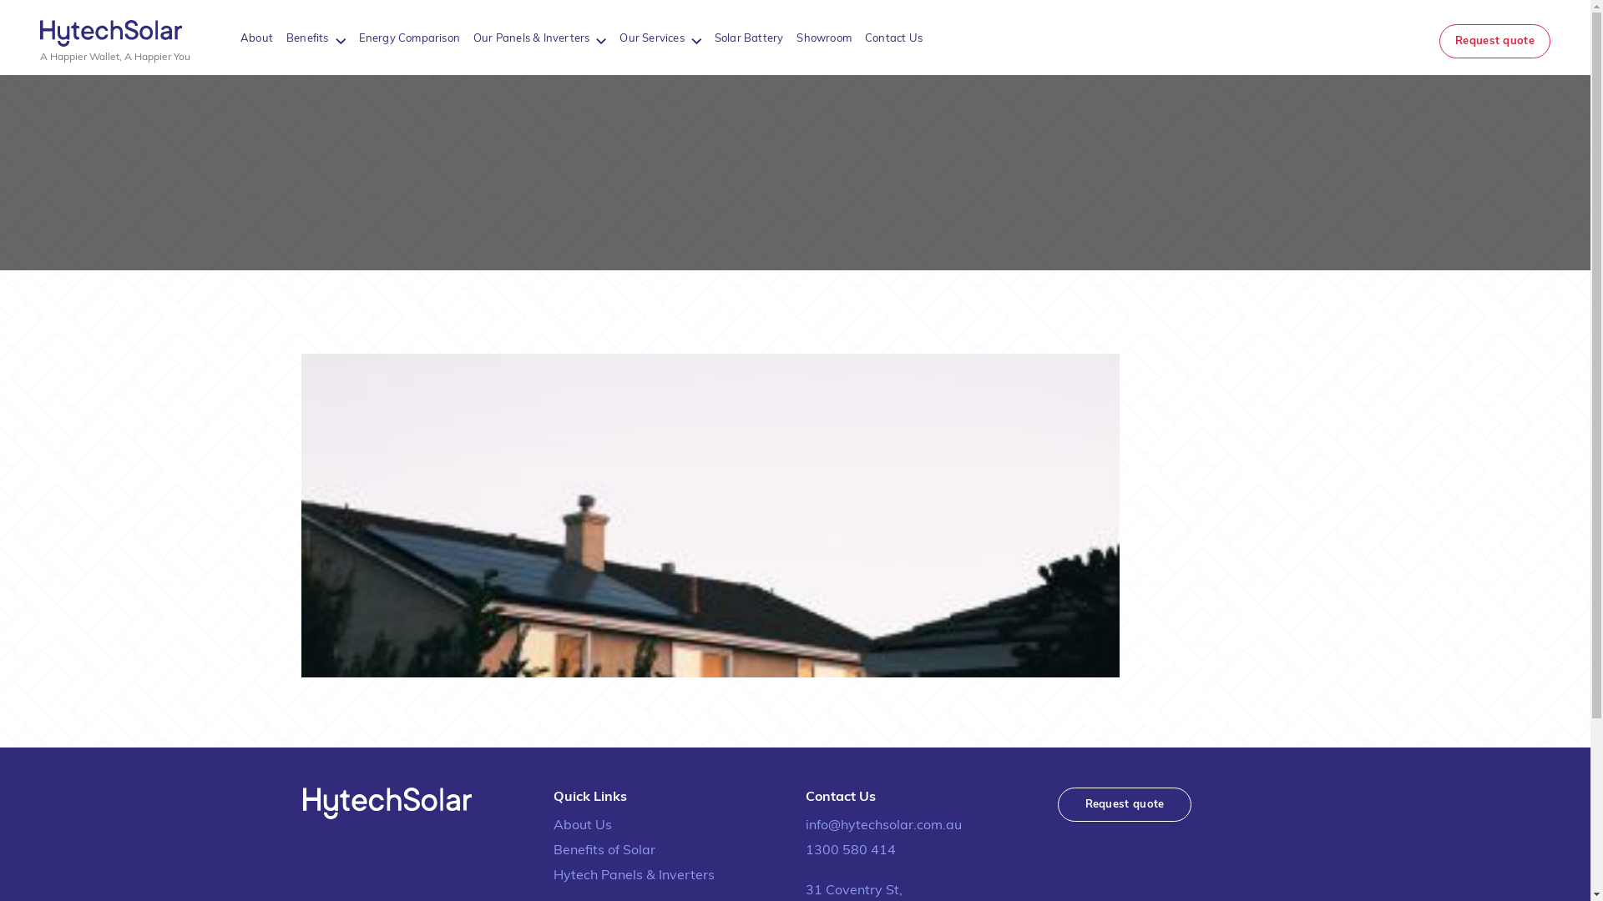  Describe the element at coordinates (1124, 803) in the screenshot. I see `'Request quote'` at that location.